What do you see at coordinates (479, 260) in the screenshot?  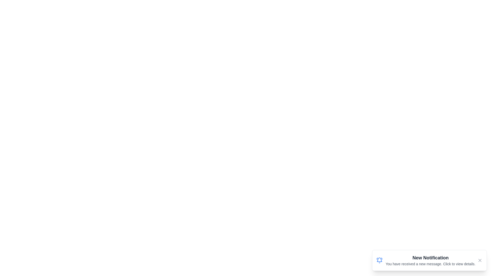 I see `the close icon button located at the top-right corner of the notification box titled 'New Notification'` at bounding box center [479, 260].